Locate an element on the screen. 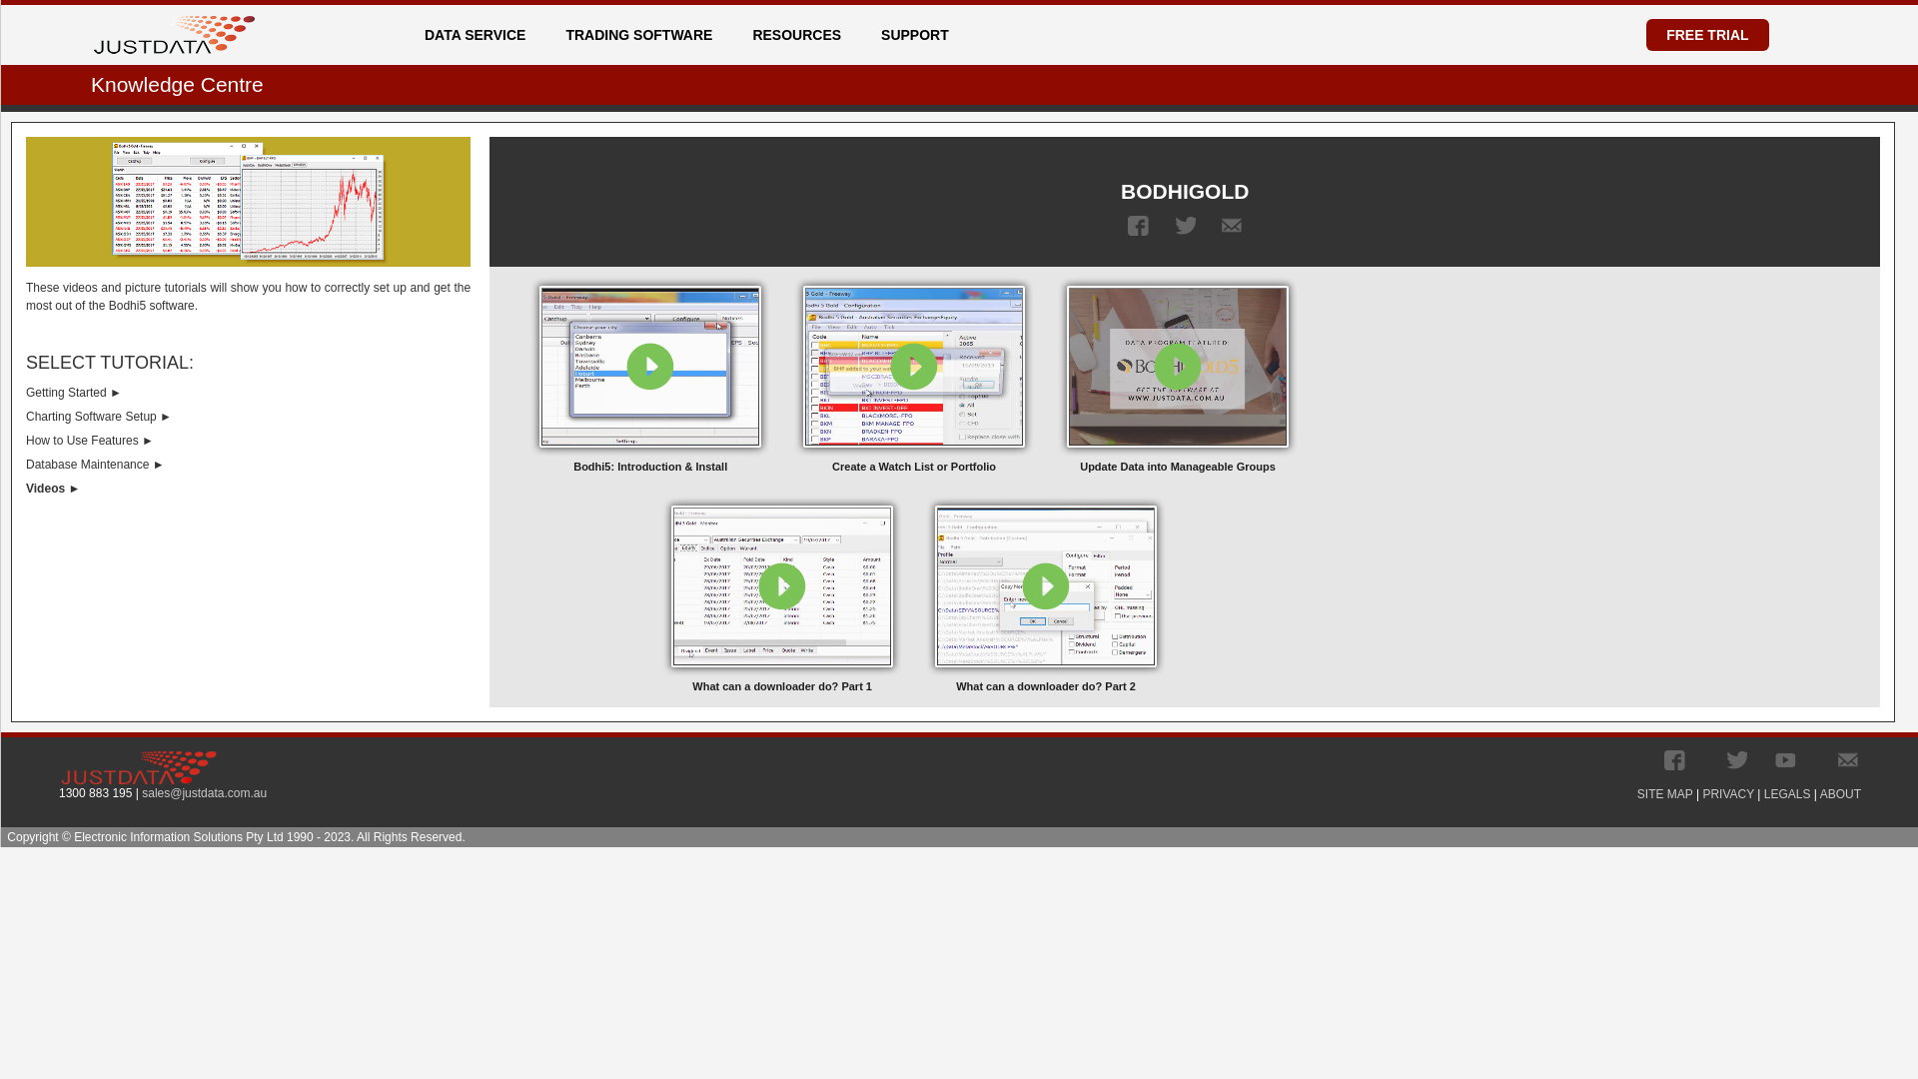 The image size is (1918, 1079). 'RESOURCES' is located at coordinates (741, 34).